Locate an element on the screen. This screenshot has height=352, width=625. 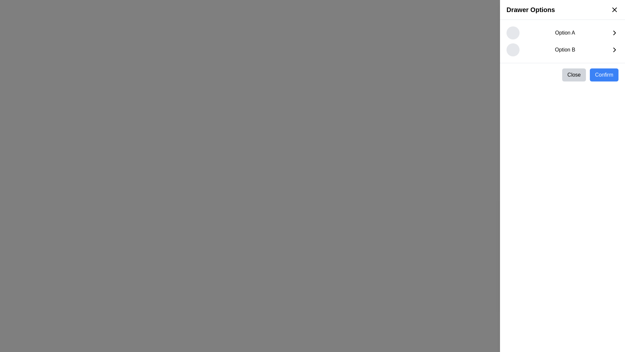
the 'Option A' text label, which is a medium-sized, bold font element located in the right-side drawer interface, positioned between a circular icon and a right-facing arrow icon is located at coordinates (565, 33).